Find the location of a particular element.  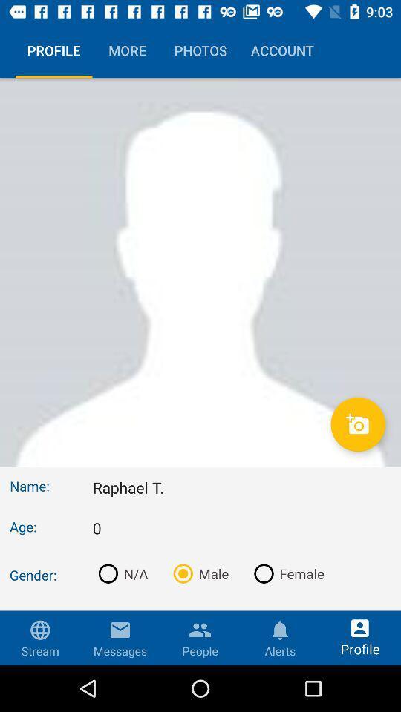

the item below 0 icon is located at coordinates (286, 573).